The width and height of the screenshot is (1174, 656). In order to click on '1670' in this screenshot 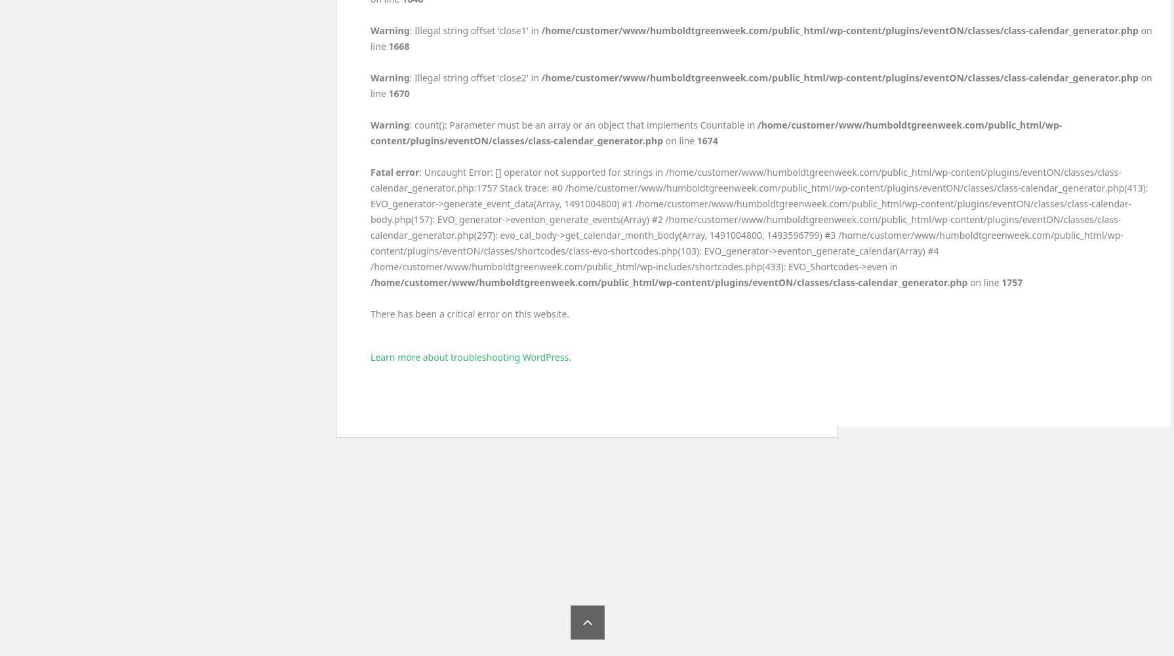, I will do `click(398, 93)`.